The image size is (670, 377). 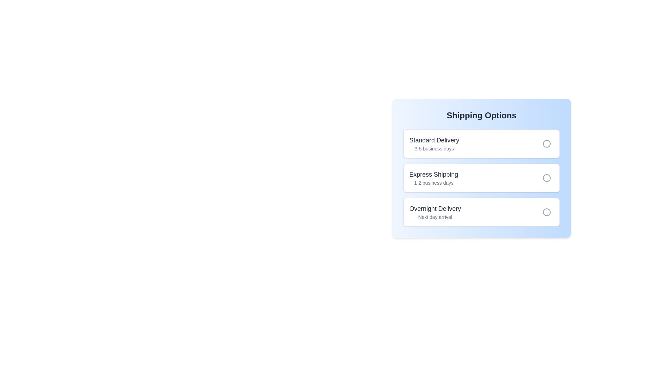 What do you see at coordinates (435, 216) in the screenshot?
I see `the additional information label located below the 'Overnight Delivery' label in the third delivery option of the 'Shipping Options' list` at bounding box center [435, 216].